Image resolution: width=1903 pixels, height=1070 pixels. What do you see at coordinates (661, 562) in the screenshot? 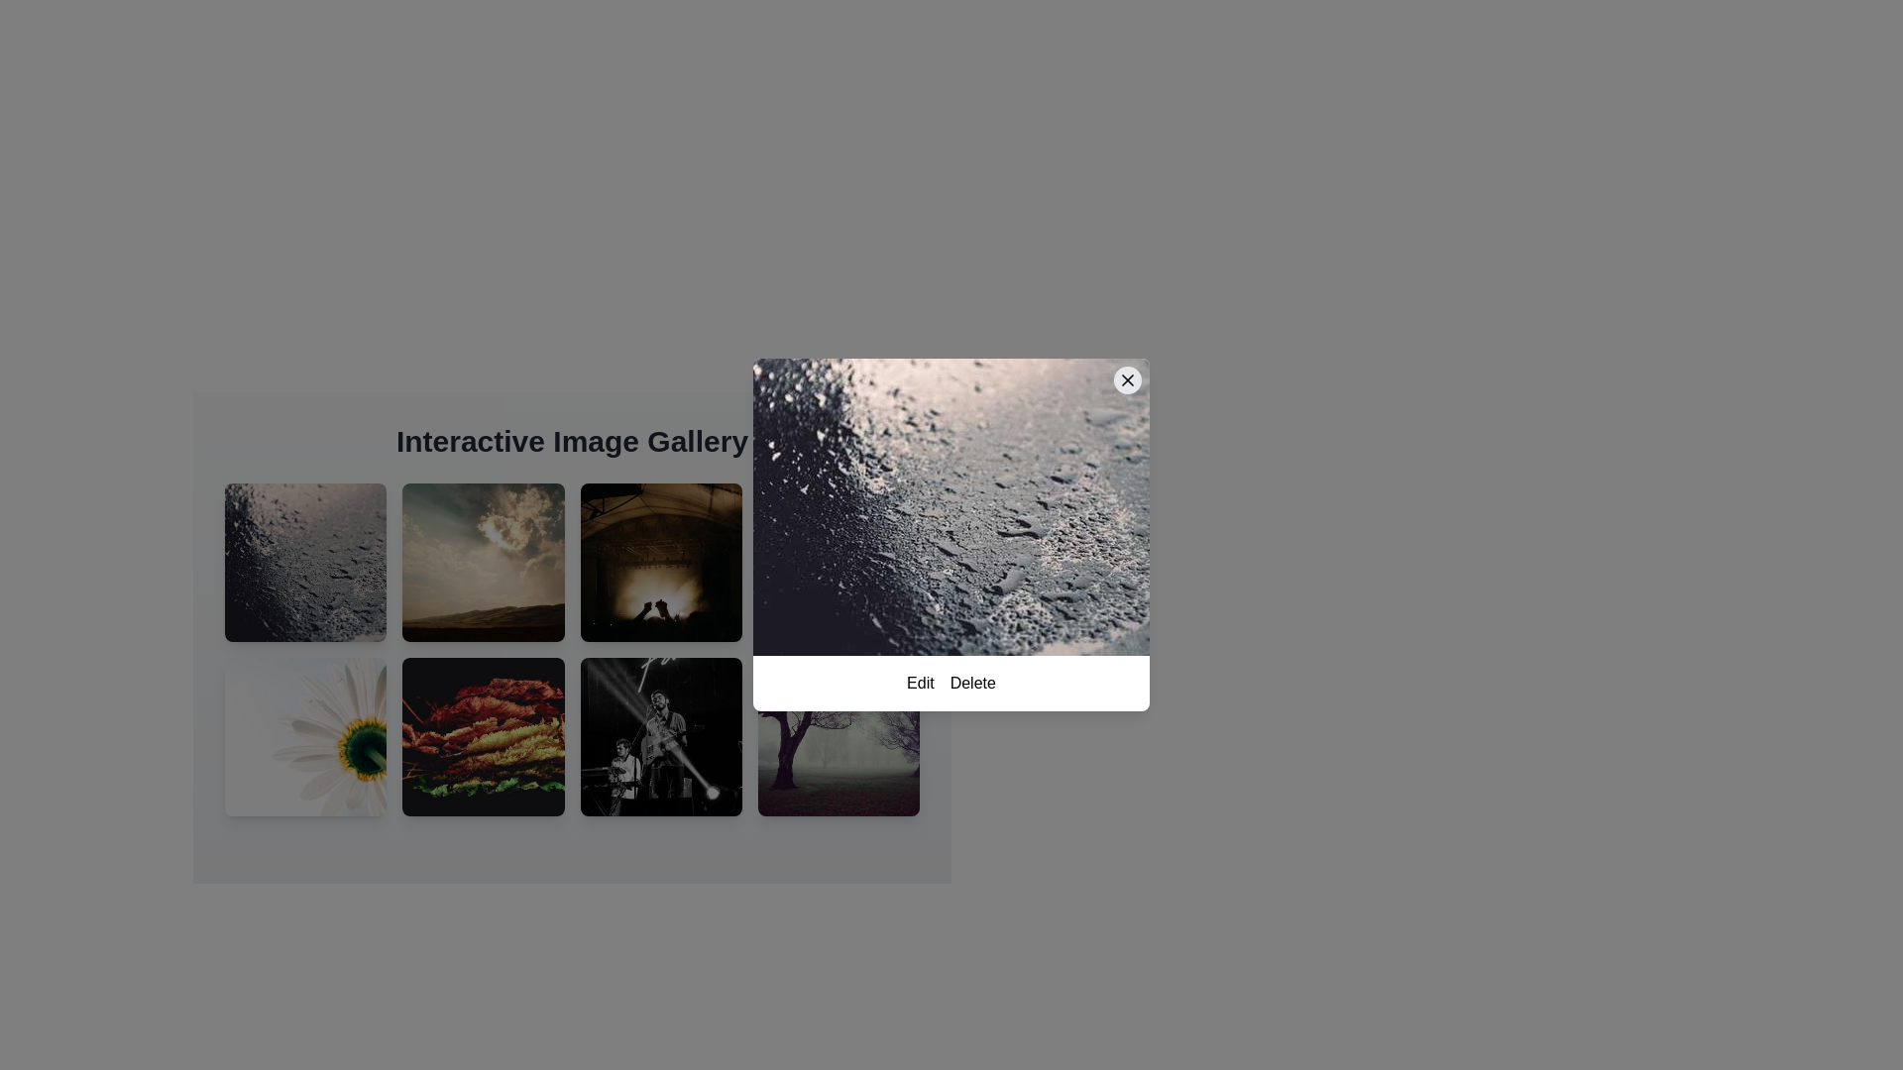
I see `the image card, which features a dark concert environment and is the third card in the first row of a grid layout` at bounding box center [661, 562].